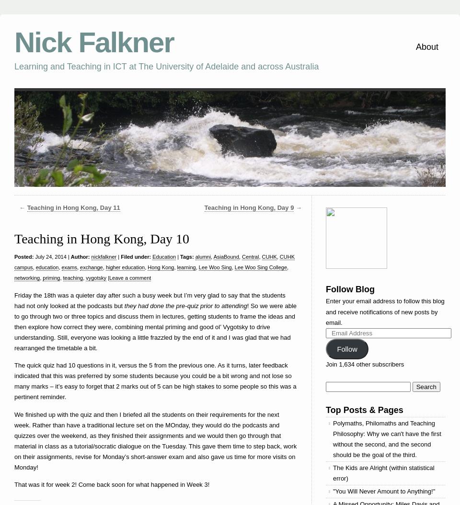  What do you see at coordinates (269, 256) in the screenshot?
I see `'CUHK'` at bounding box center [269, 256].